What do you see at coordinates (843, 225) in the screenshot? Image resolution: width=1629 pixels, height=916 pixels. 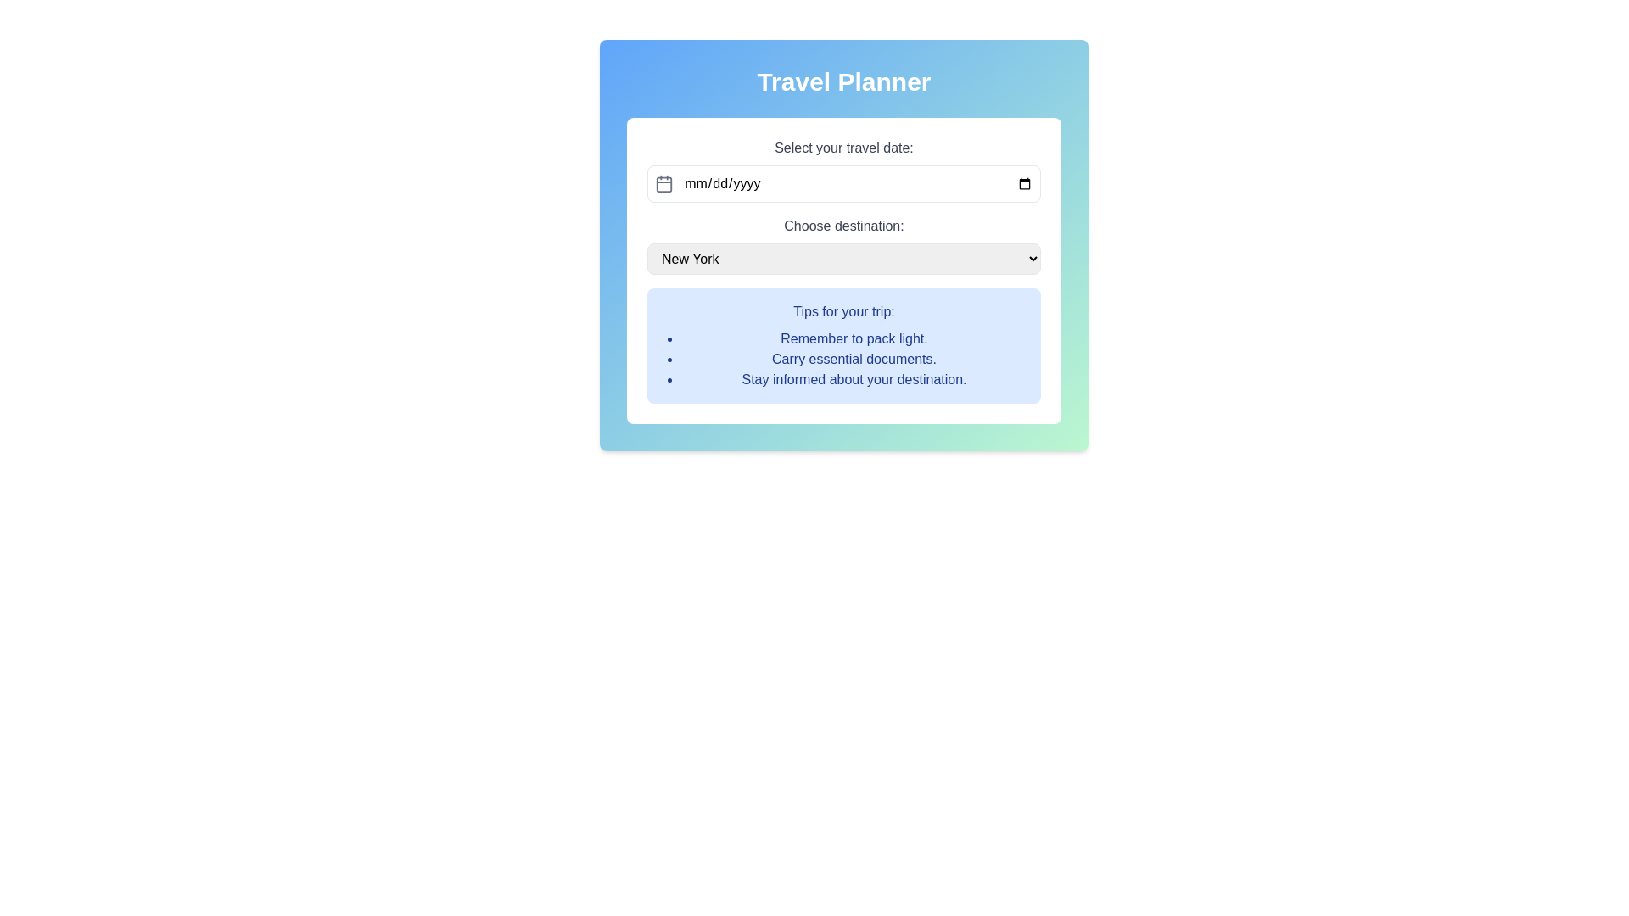 I see `the label that provides context for selecting a travel destination, positioned above the 'New York' dropdown menu` at bounding box center [843, 225].